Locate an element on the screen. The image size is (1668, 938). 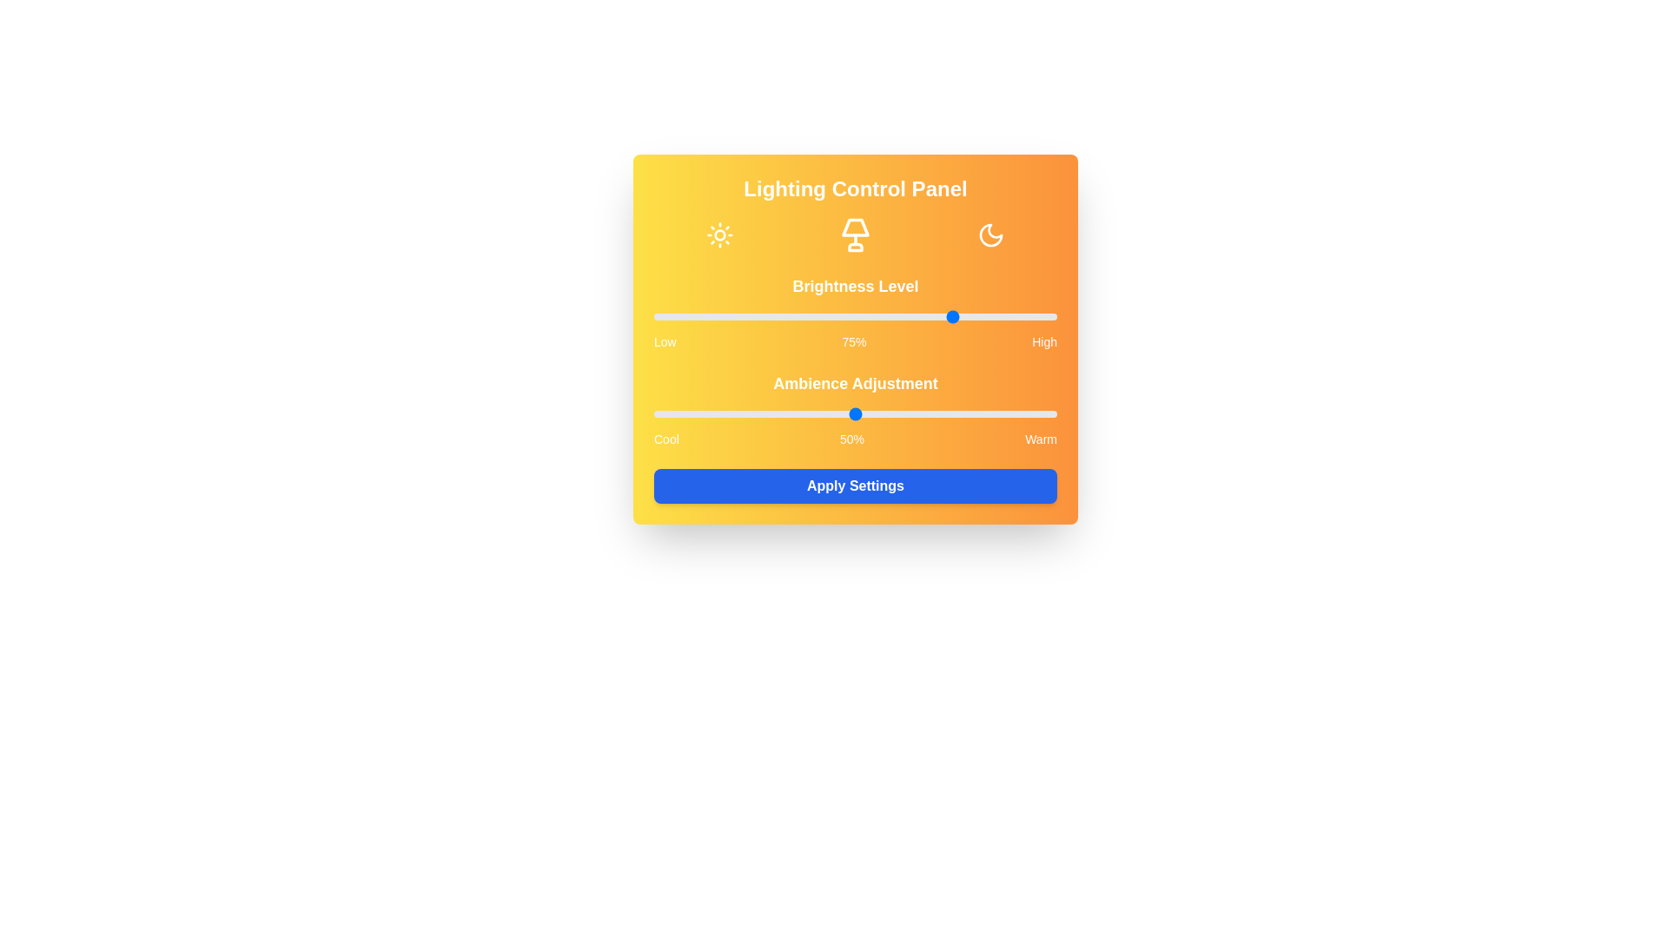
the ambiance level to 79% by adjusting the slider is located at coordinates (971, 414).